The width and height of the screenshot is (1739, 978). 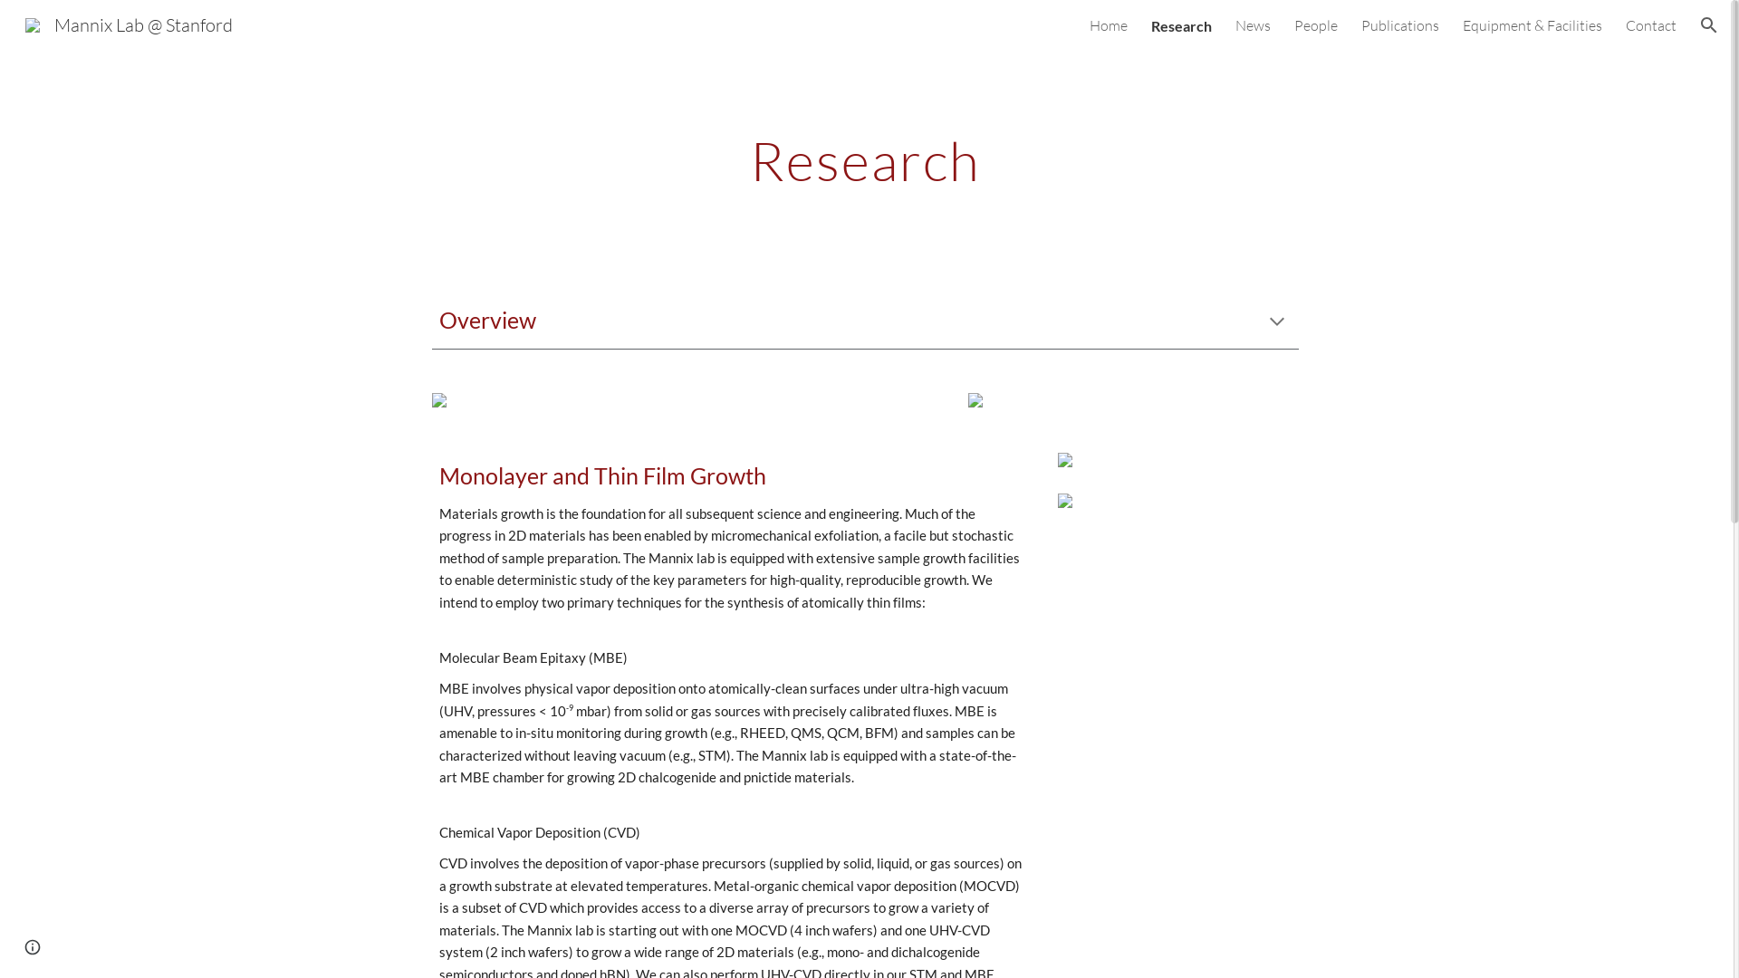 What do you see at coordinates (1316, 24) in the screenshot?
I see `'People'` at bounding box center [1316, 24].